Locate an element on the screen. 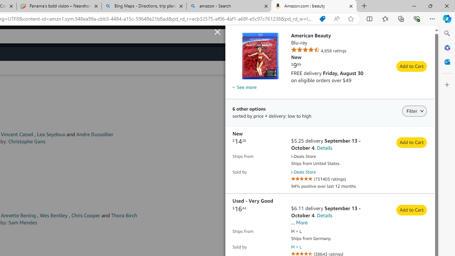  'Amazon.com : beauty' is located at coordinates (314, 6).